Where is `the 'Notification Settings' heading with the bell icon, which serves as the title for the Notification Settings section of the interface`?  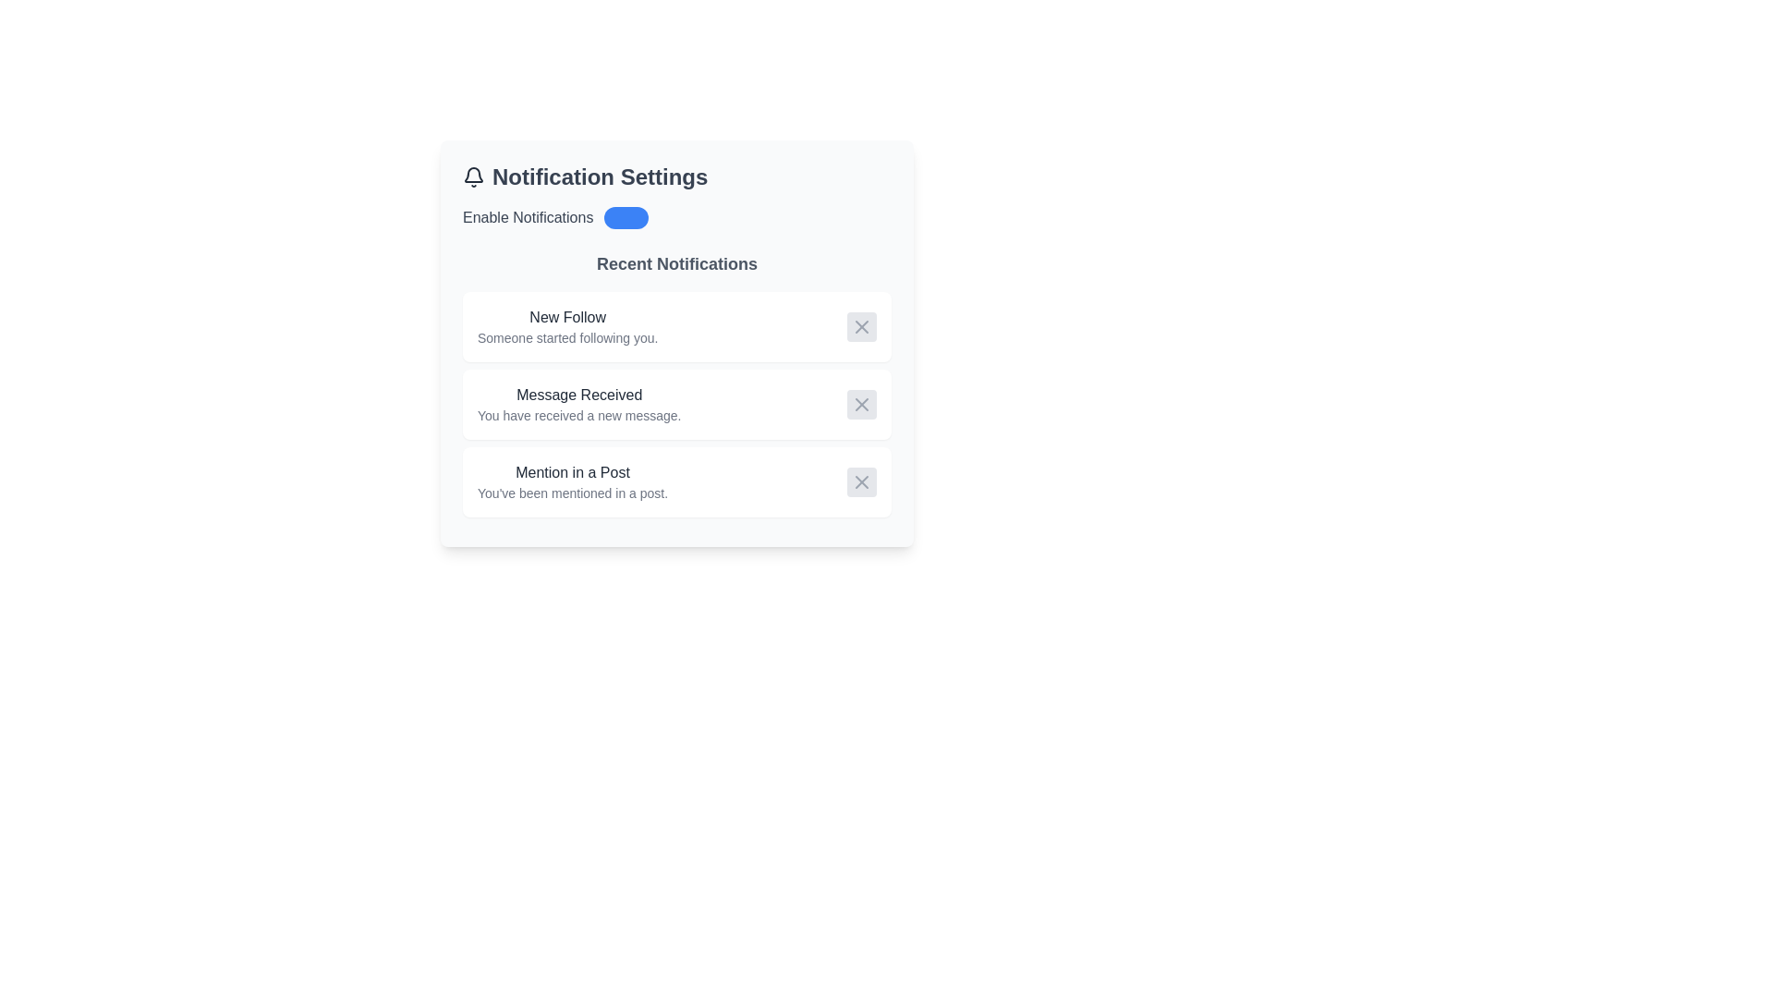 the 'Notification Settings' heading with the bell icon, which serves as the title for the Notification Settings section of the interface is located at coordinates (676, 177).